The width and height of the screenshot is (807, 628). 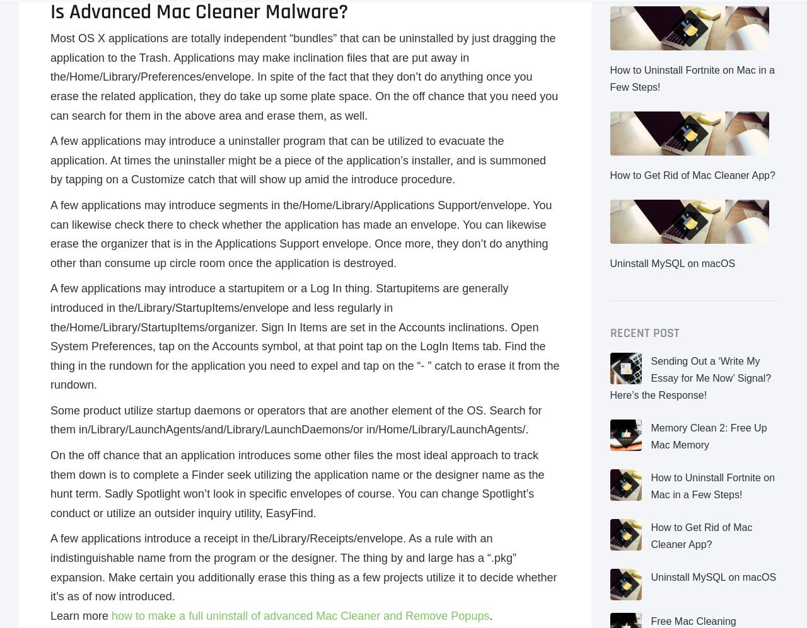 What do you see at coordinates (708, 435) in the screenshot?
I see `'Memory Clean 2: Free Up Mac Memory'` at bounding box center [708, 435].